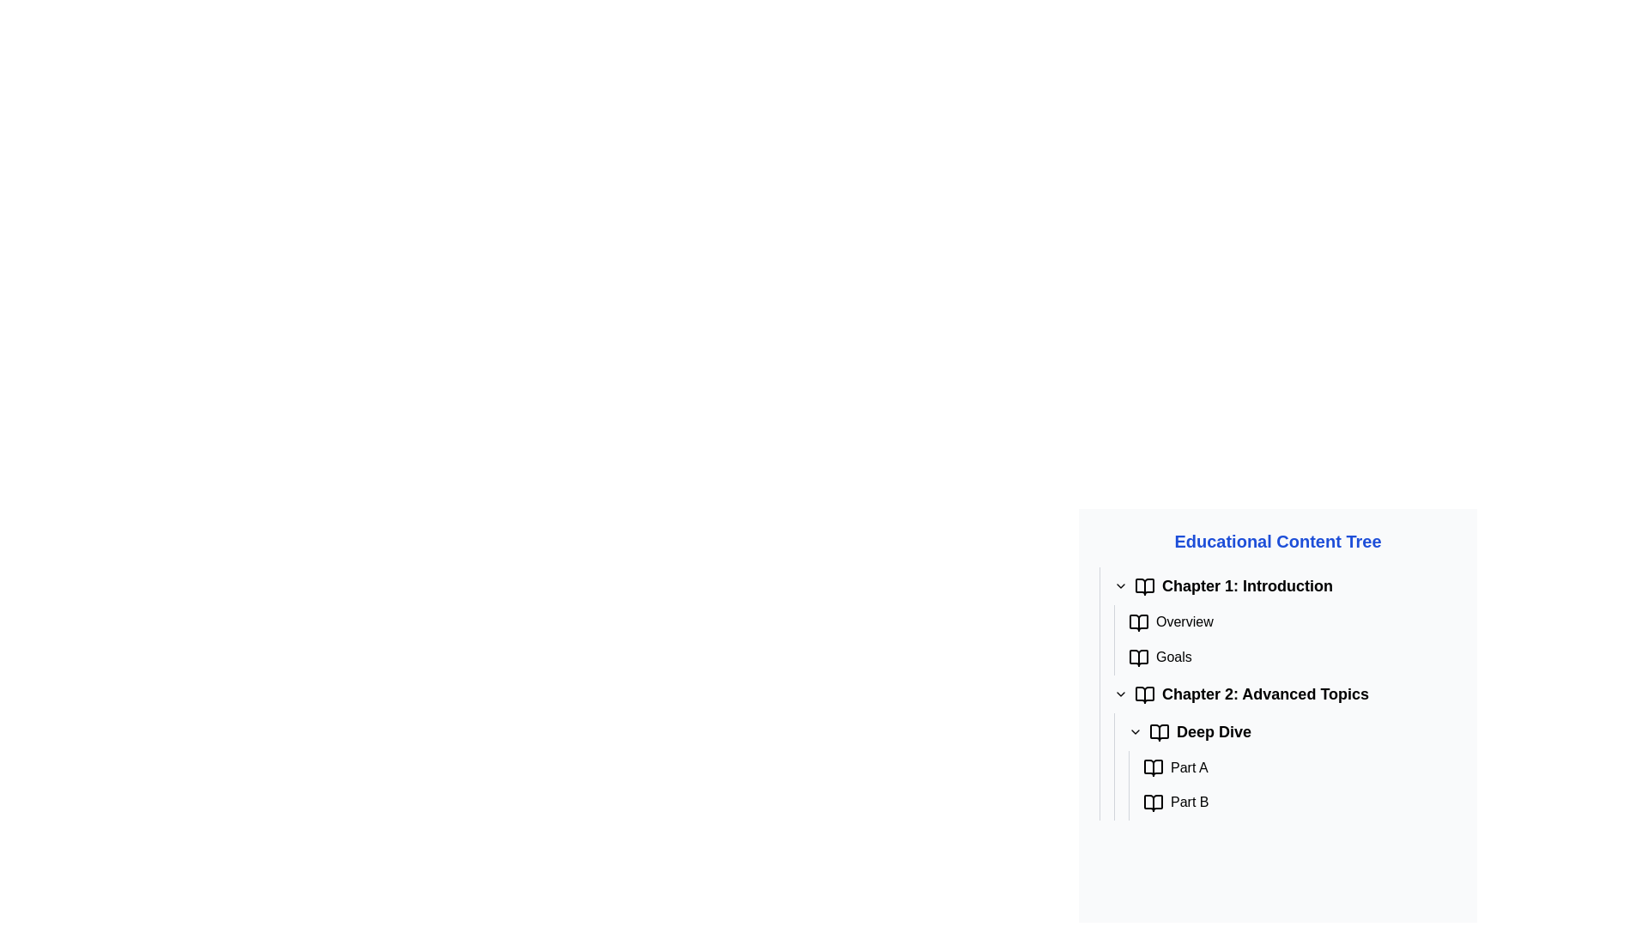  What do you see at coordinates (1285, 766) in the screenshot?
I see `the Collapsible content section under 'Chapter 2: Advanced Topics'` at bounding box center [1285, 766].